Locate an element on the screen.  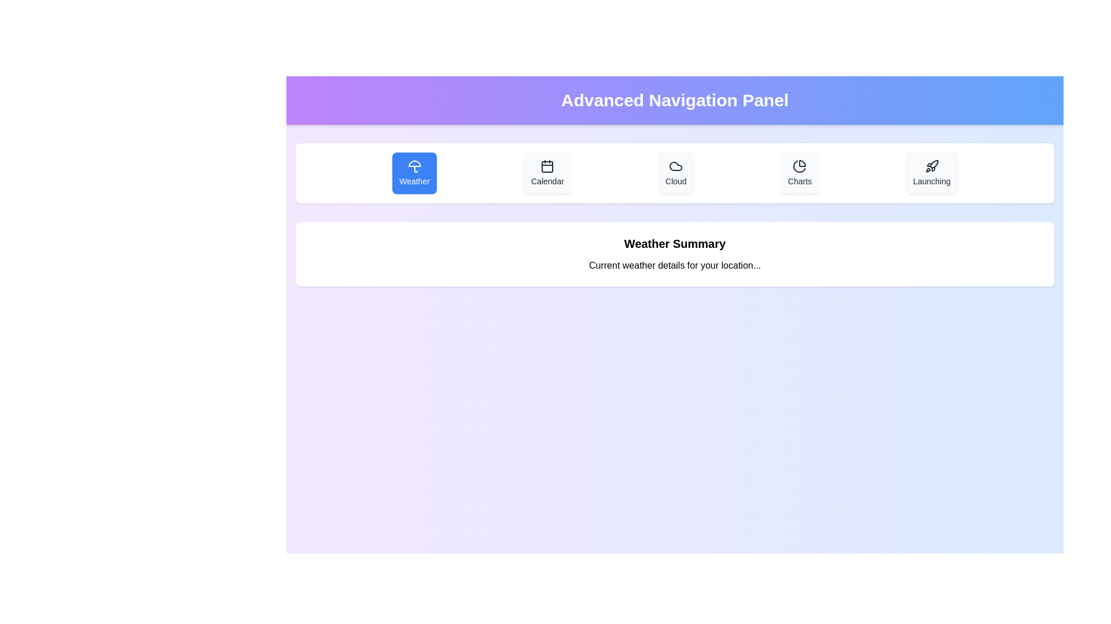
the button with a rocket icon and the text 'Launching' is located at coordinates (932, 173).